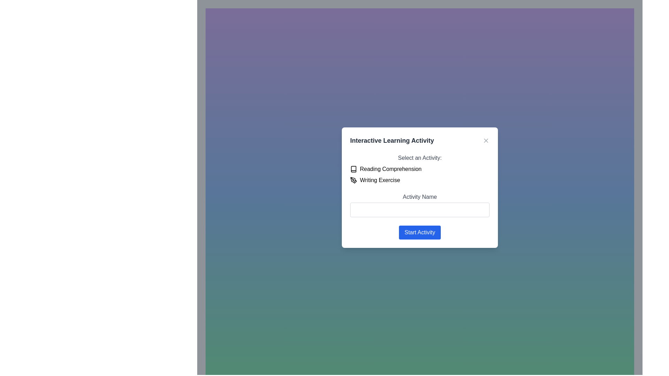 The width and height of the screenshot is (669, 376). Describe the element at coordinates (392, 140) in the screenshot. I see `the Text Label that serves as the title or heading for the activity section, providing context about the function of the current interface` at that location.